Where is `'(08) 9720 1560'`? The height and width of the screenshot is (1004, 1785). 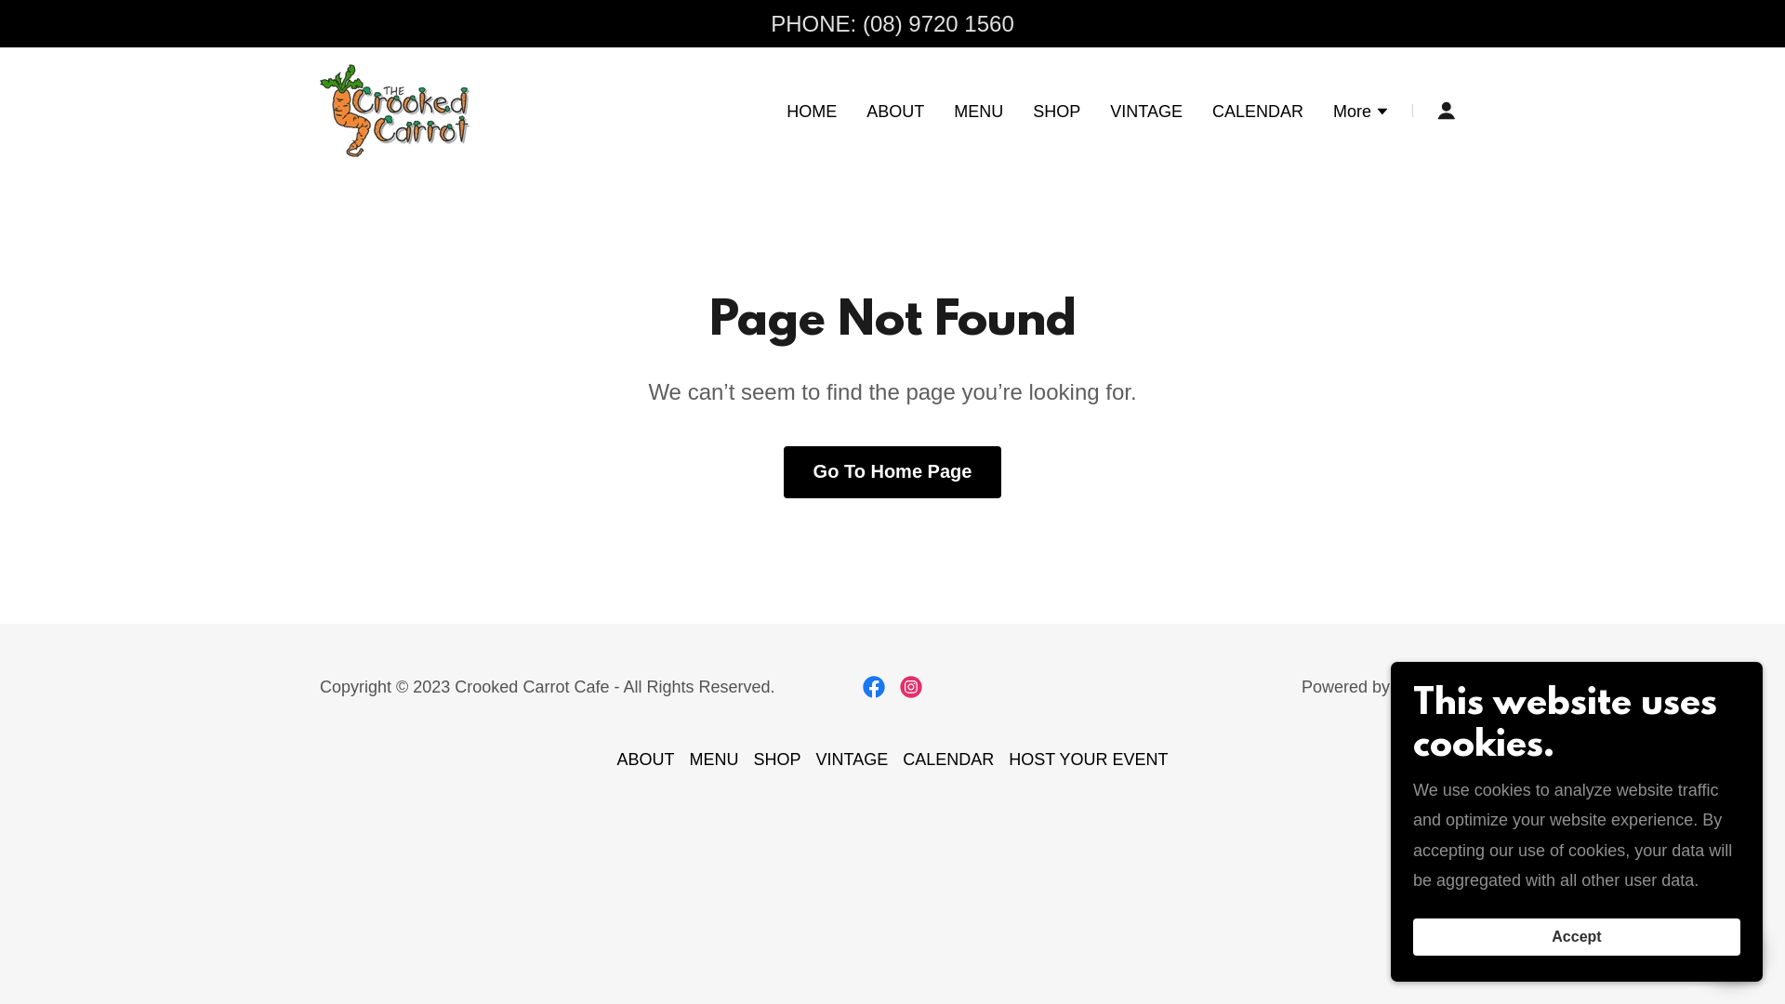
'(08) 9720 1560' is located at coordinates (938, 23).